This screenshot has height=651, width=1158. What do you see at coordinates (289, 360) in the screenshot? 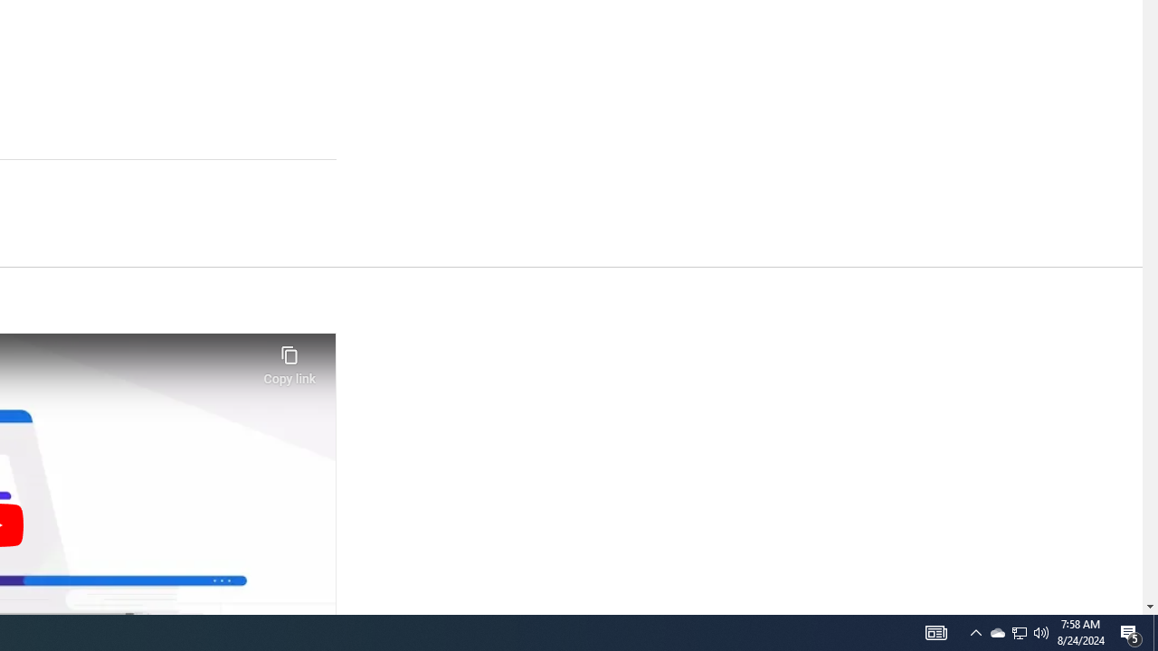
I see `'Copy link'` at bounding box center [289, 360].